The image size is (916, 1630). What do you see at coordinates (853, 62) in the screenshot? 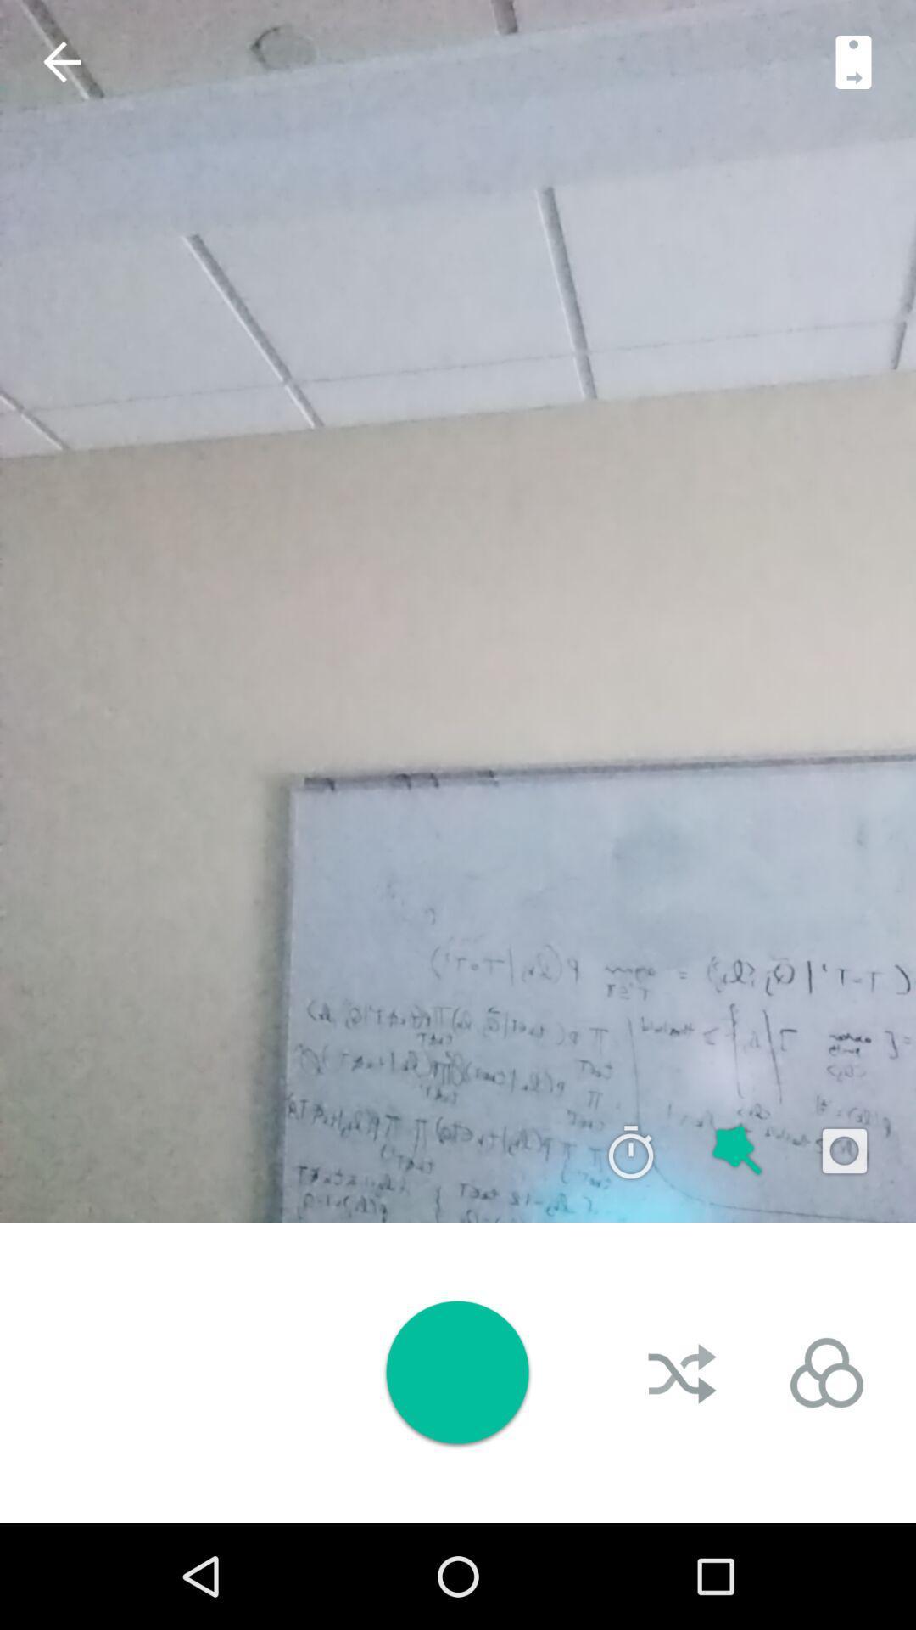
I see `next button` at bounding box center [853, 62].